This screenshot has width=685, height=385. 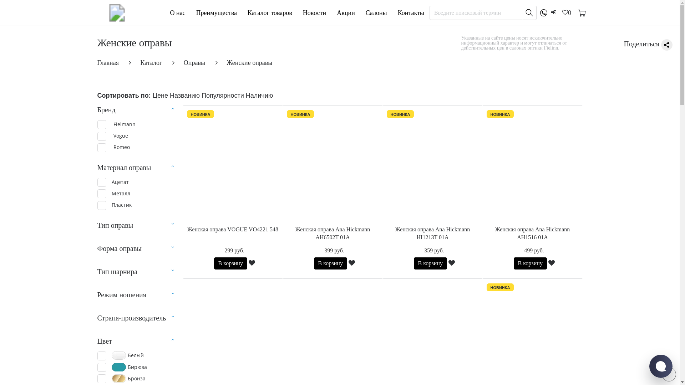 What do you see at coordinates (113, 147) in the screenshot?
I see `'Romeo'` at bounding box center [113, 147].